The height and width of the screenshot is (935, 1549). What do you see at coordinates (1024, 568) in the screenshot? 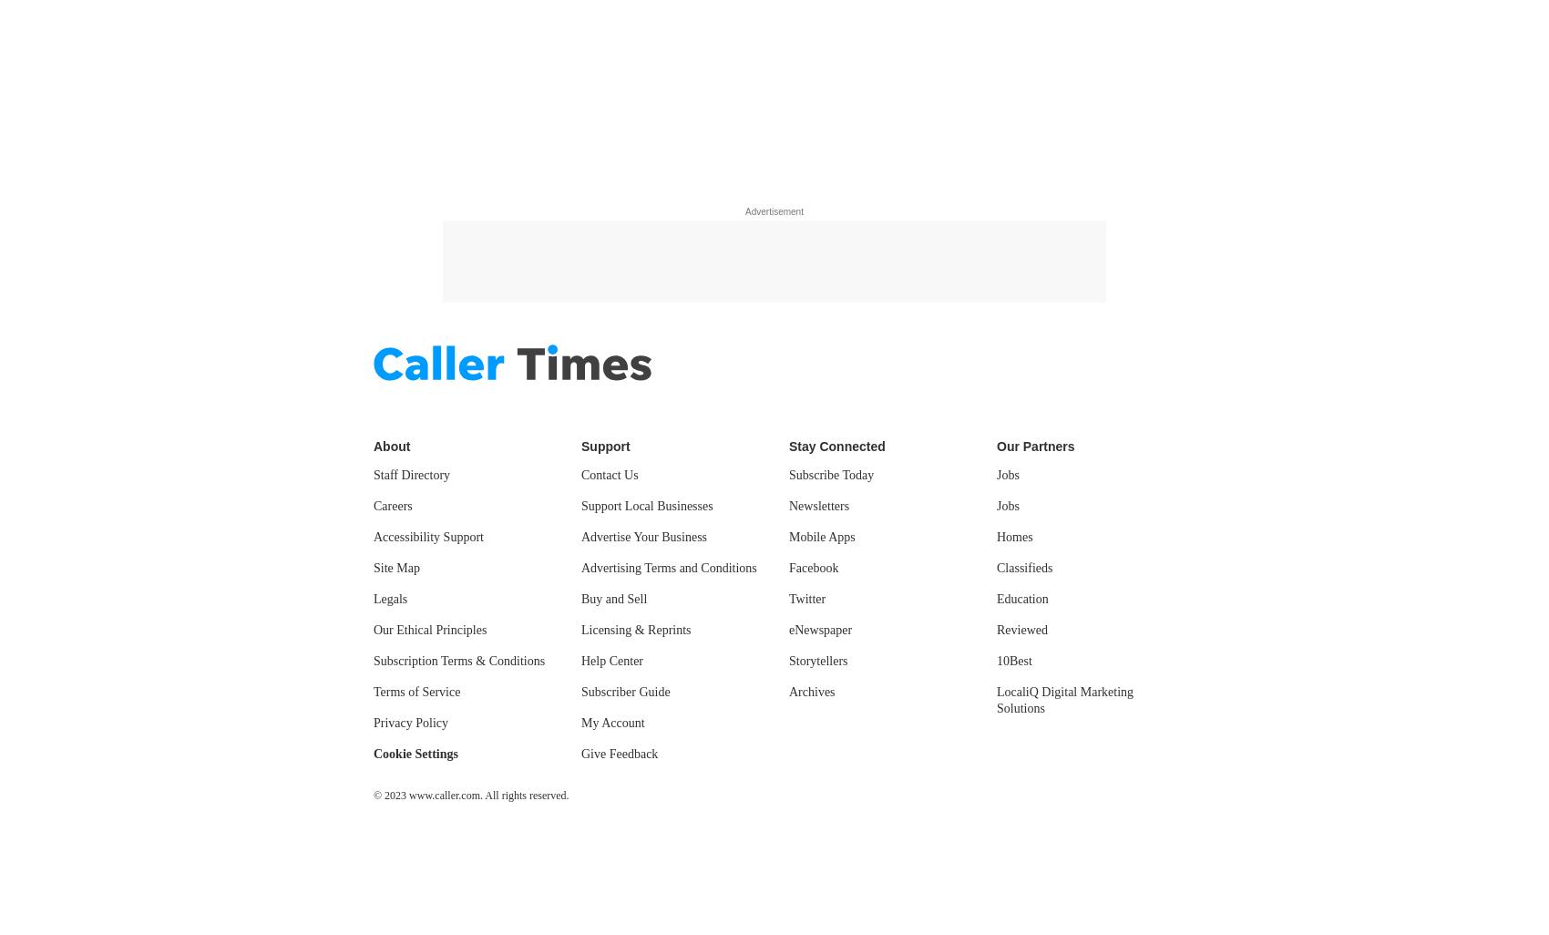
I see `'Classifieds'` at bounding box center [1024, 568].